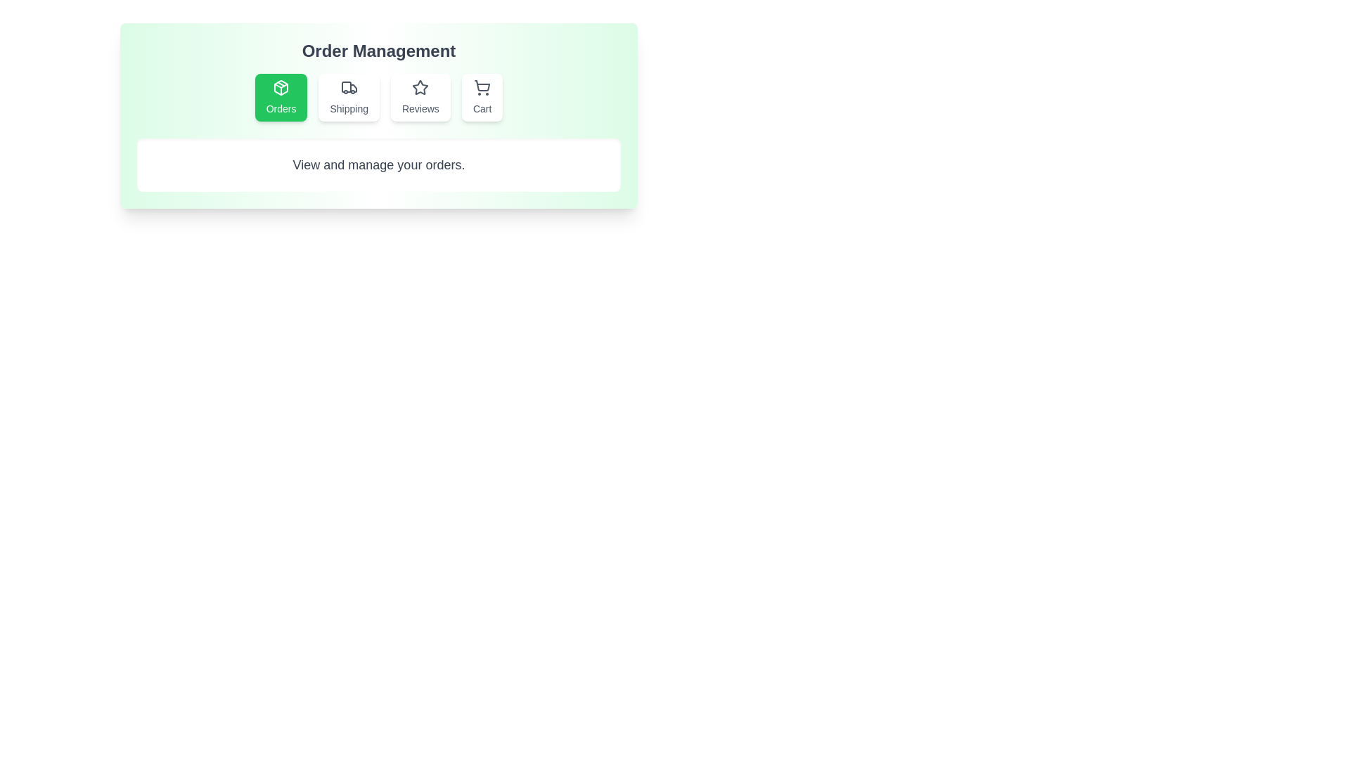 The width and height of the screenshot is (1350, 759). Describe the element at coordinates (281, 96) in the screenshot. I see `the 'Orders' button, which is a rounded rectangular button with a green background, white text, and an icon resembling a package, to observe any tooltip or style change` at that location.